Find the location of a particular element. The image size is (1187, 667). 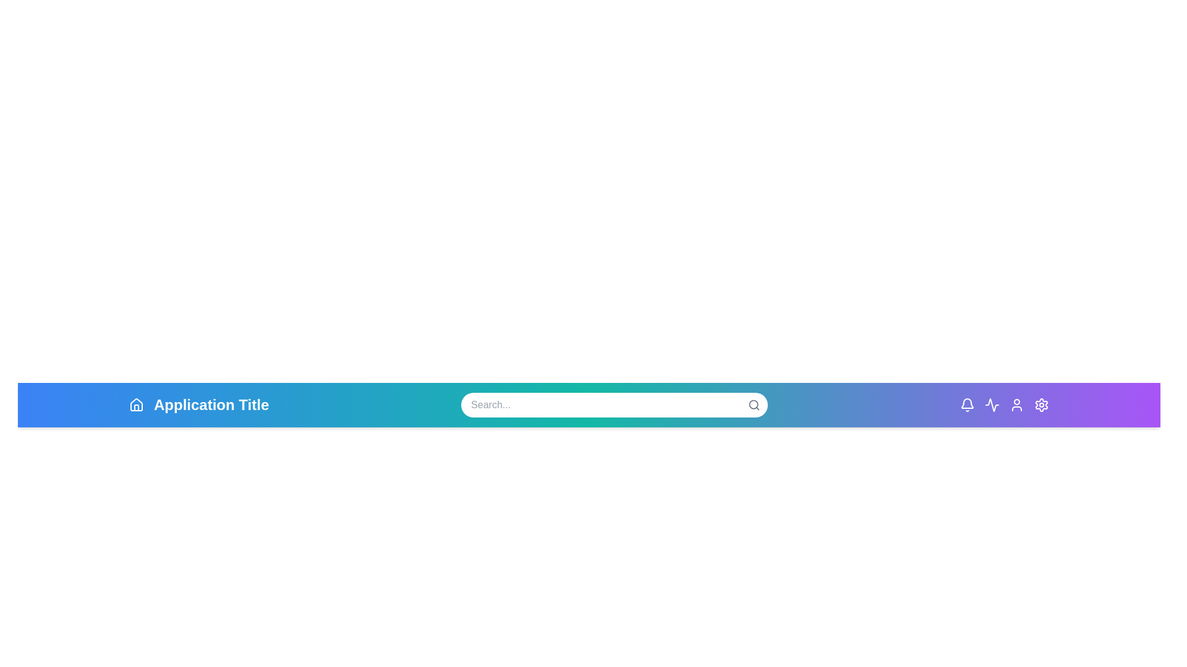

the search icon to trigger the search action is located at coordinates (753, 405).